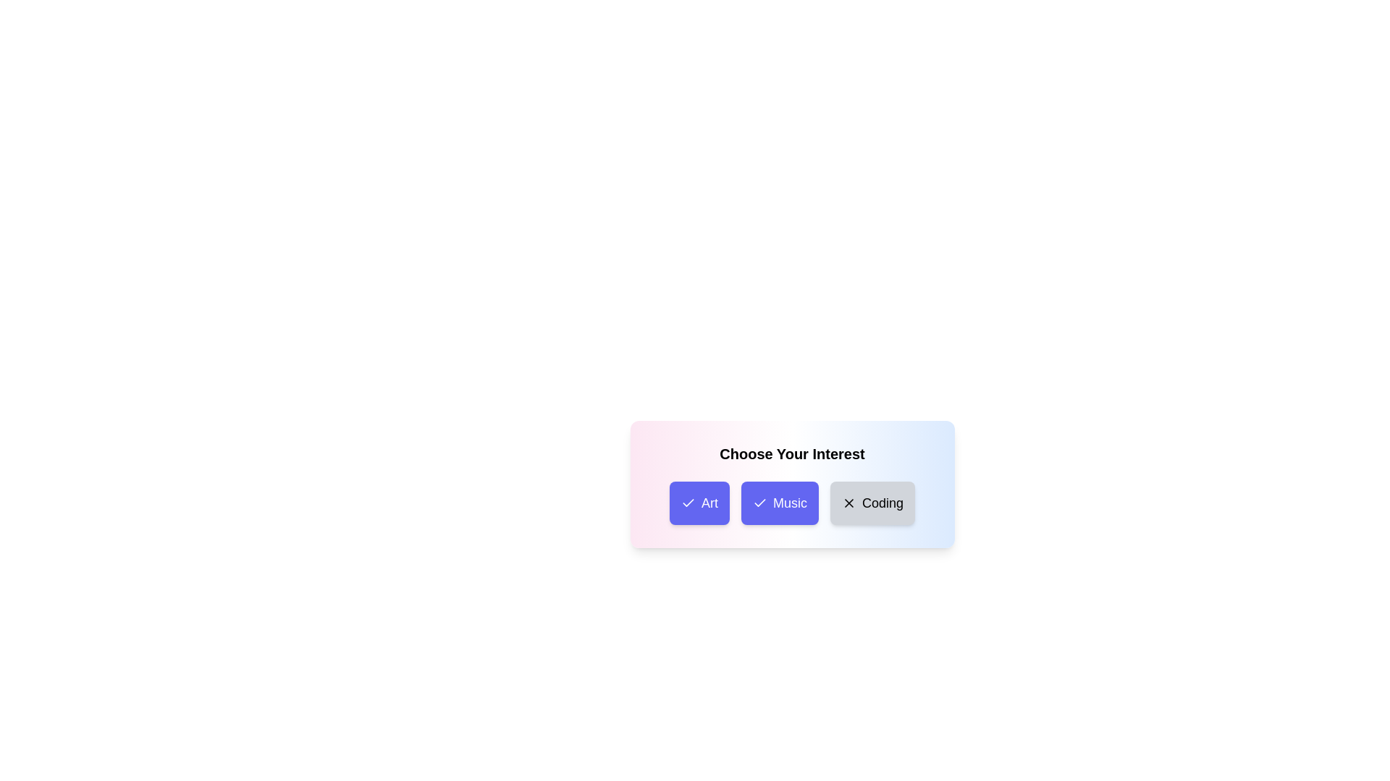  I want to click on the 'Coding' category to toggle its selection, so click(871, 502).